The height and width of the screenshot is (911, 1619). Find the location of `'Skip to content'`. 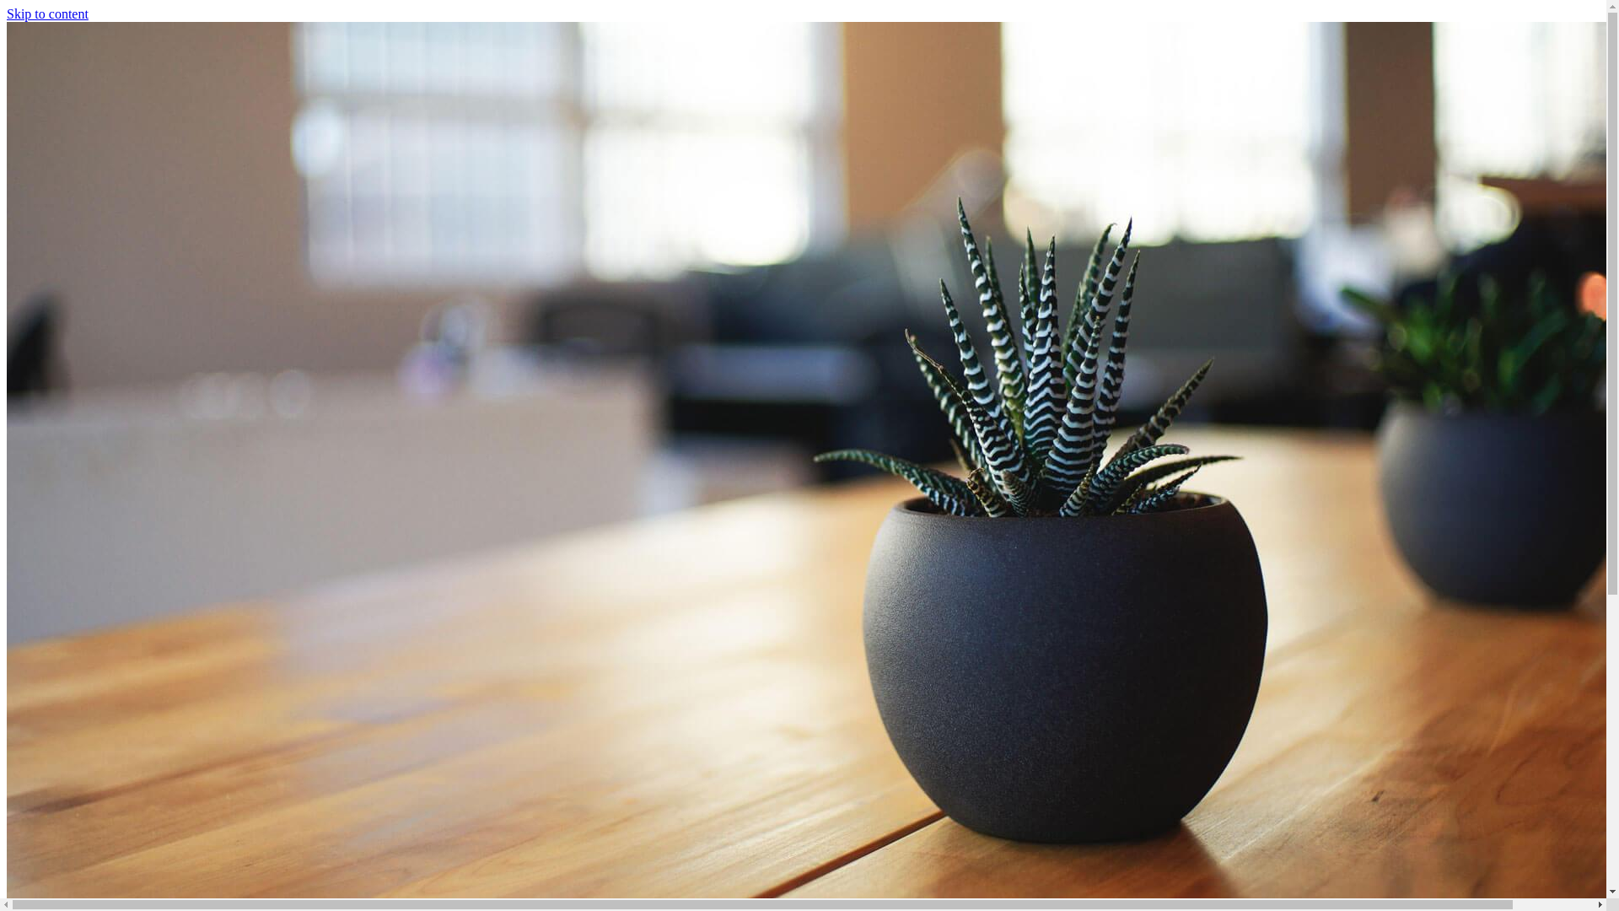

'Skip to content' is located at coordinates (7, 13).